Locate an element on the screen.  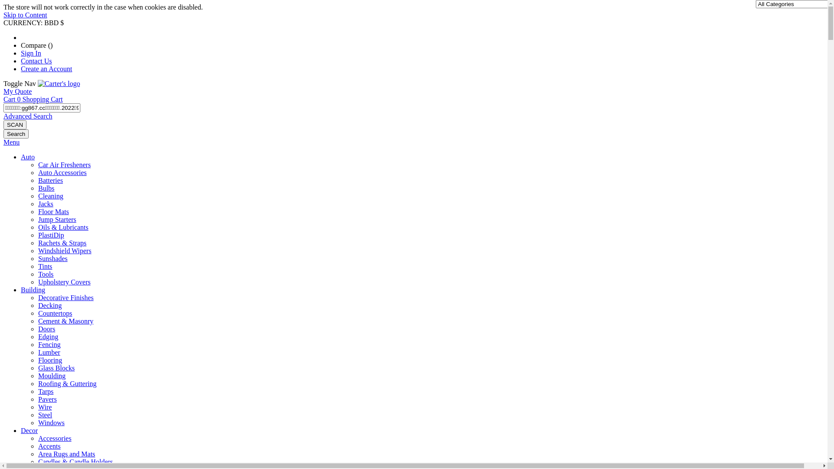
'Advanced Search' is located at coordinates (27, 116).